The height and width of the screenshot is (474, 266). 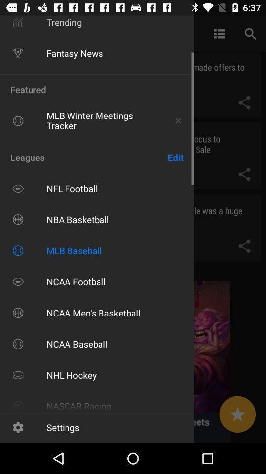 I want to click on the star icon, so click(x=237, y=414).